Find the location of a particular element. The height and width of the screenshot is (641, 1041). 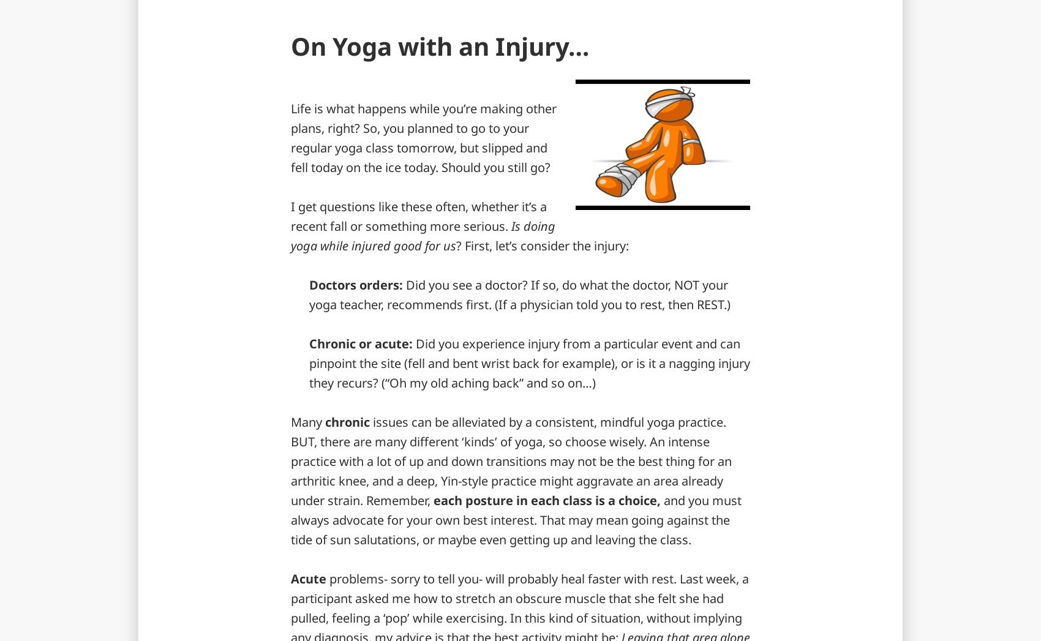

'chronic' is located at coordinates (345, 421).